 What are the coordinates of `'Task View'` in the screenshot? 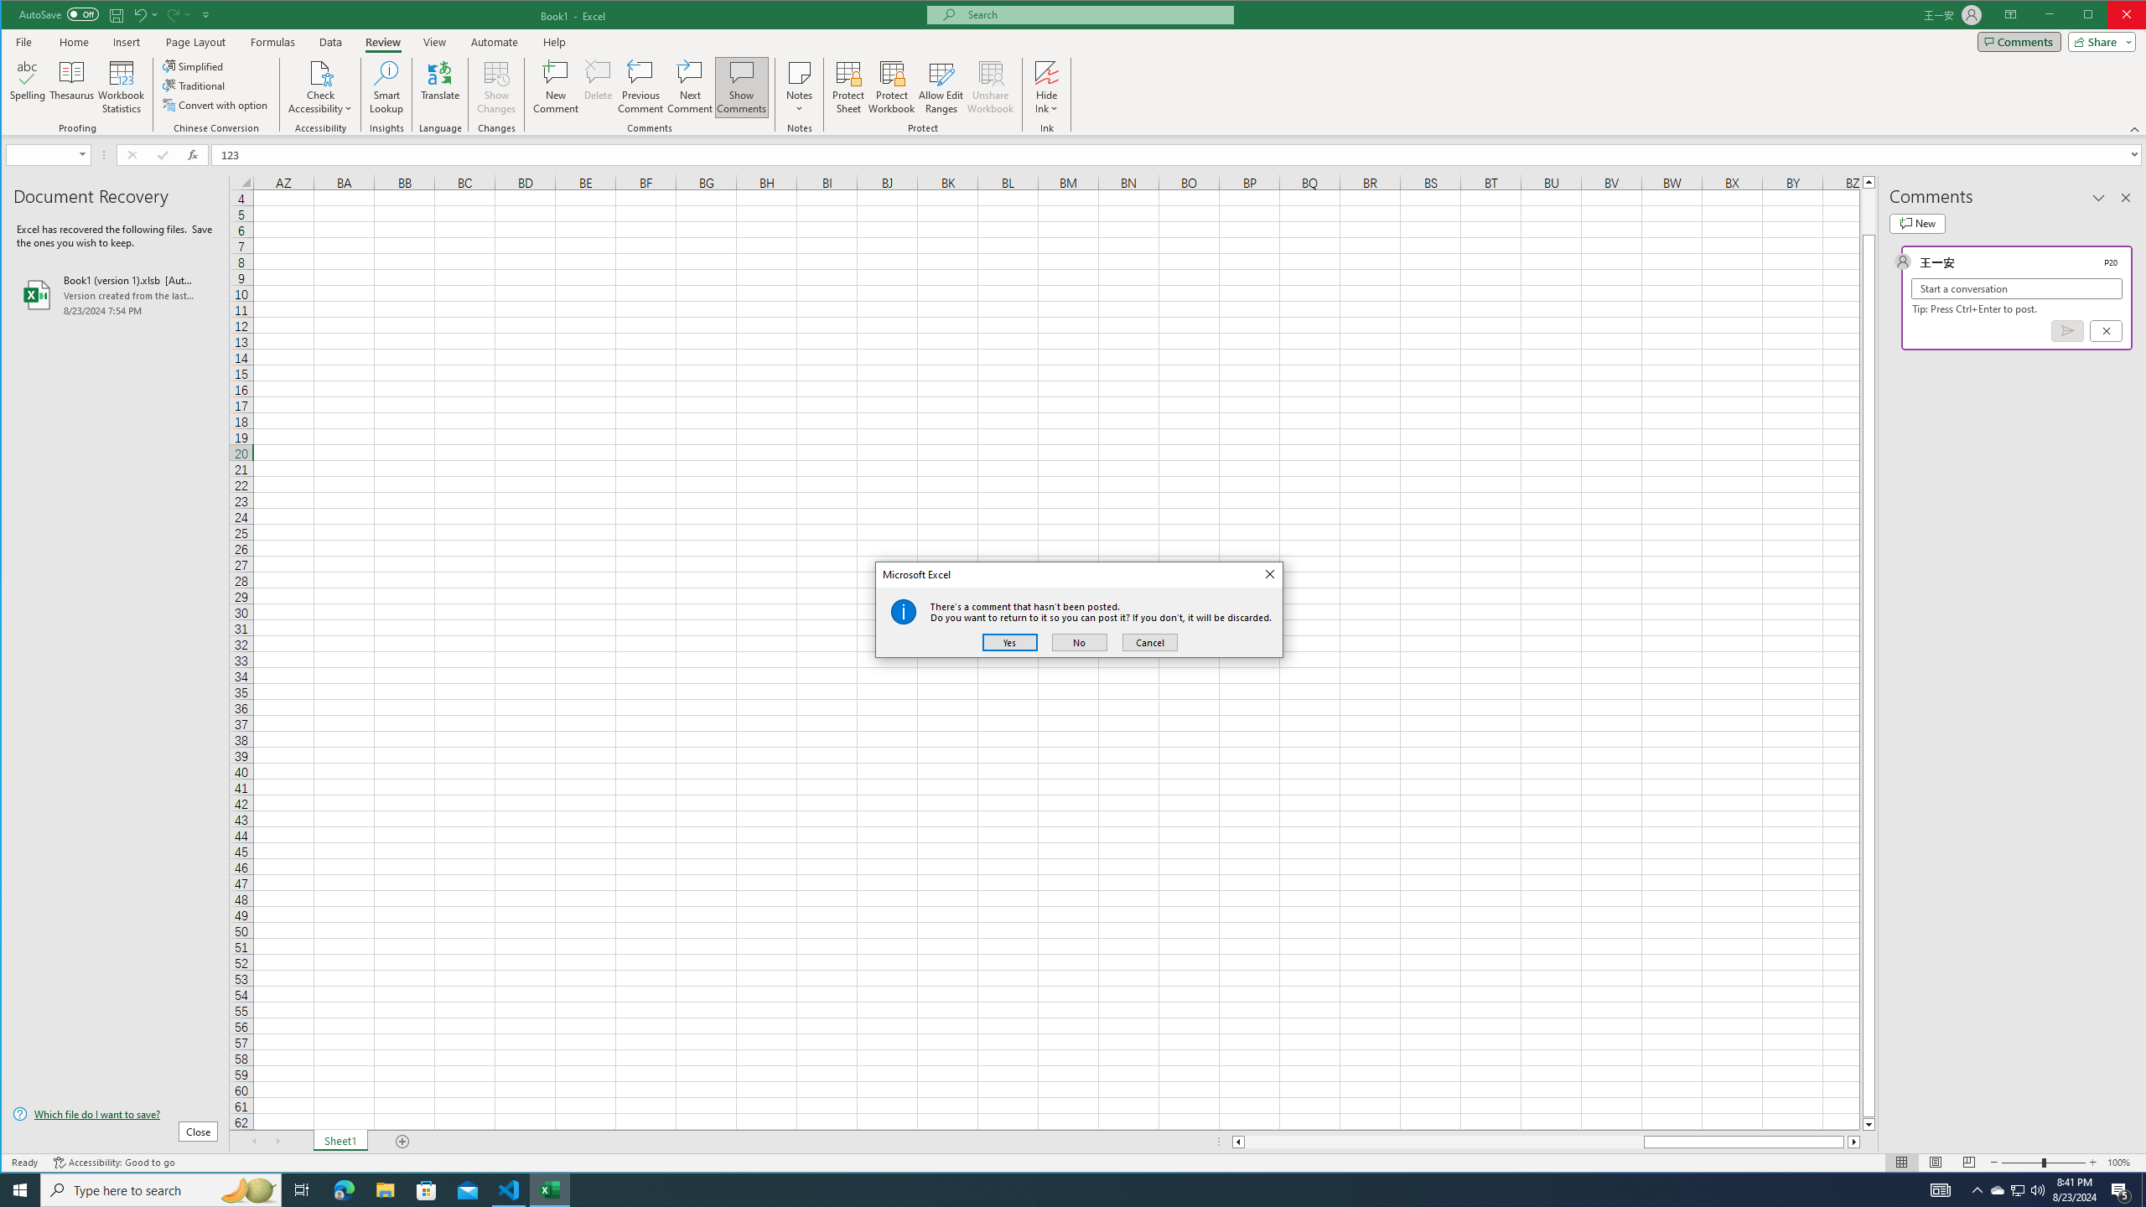 It's located at (300, 1189).